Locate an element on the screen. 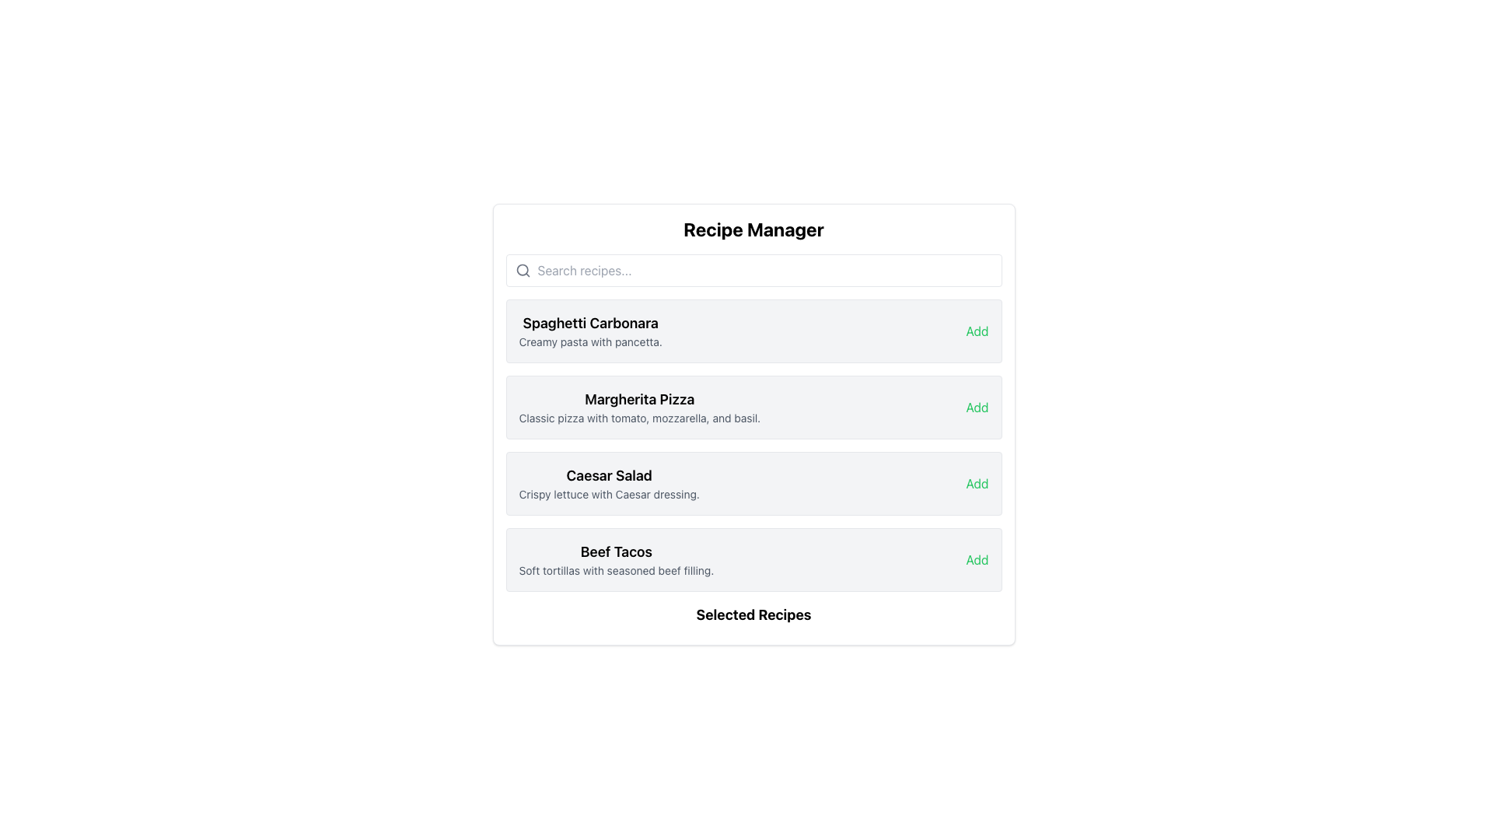 The image size is (1493, 840). the first menu item entry for a featured dish located beneath the search bar is located at coordinates (753, 330).